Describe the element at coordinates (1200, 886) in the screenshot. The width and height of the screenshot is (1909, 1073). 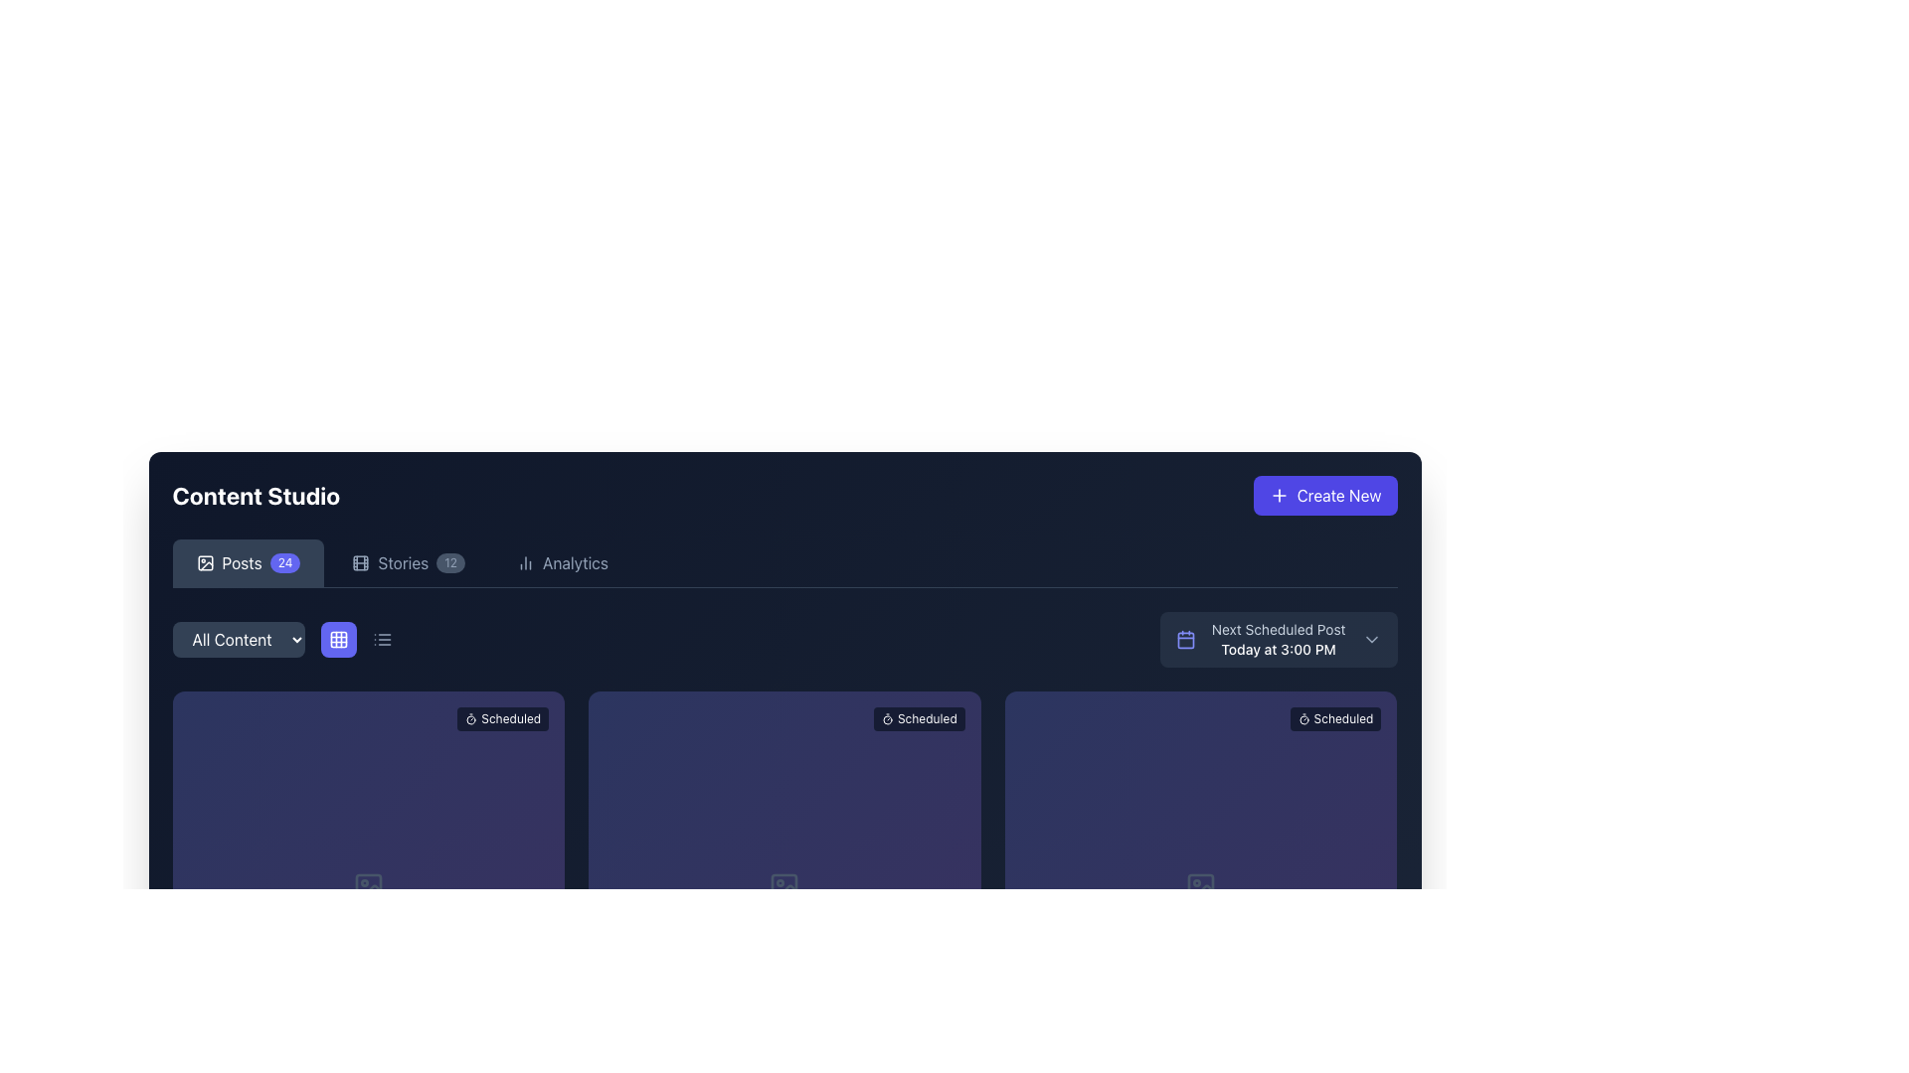
I see `the image icon styled component with a rounded square and circle, located at the bottom center of the scheduled posts section, if it is interactive` at that location.